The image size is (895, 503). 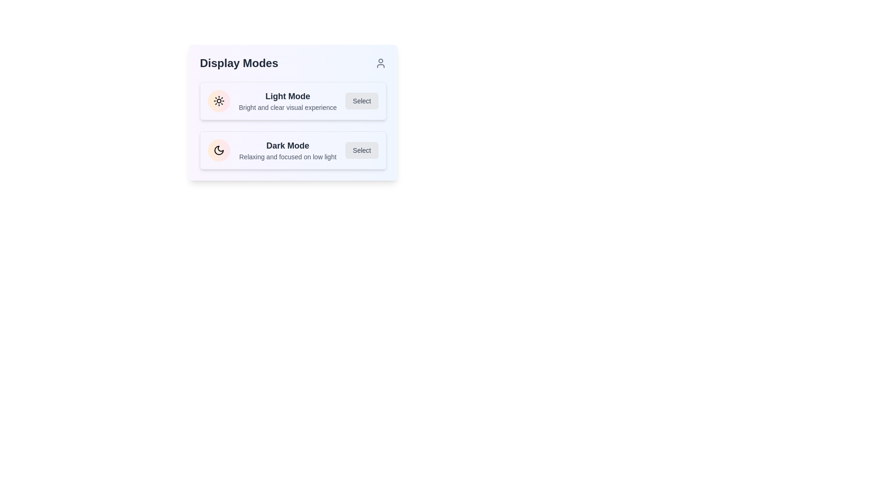 What do you see at coordinates (219, 150) in the screenshot?
I see `the crescent moon icon representing 'Night' or 'Dark Mode' located to the left of the 'Dark Mode' label` at bounding box center [219, 150].